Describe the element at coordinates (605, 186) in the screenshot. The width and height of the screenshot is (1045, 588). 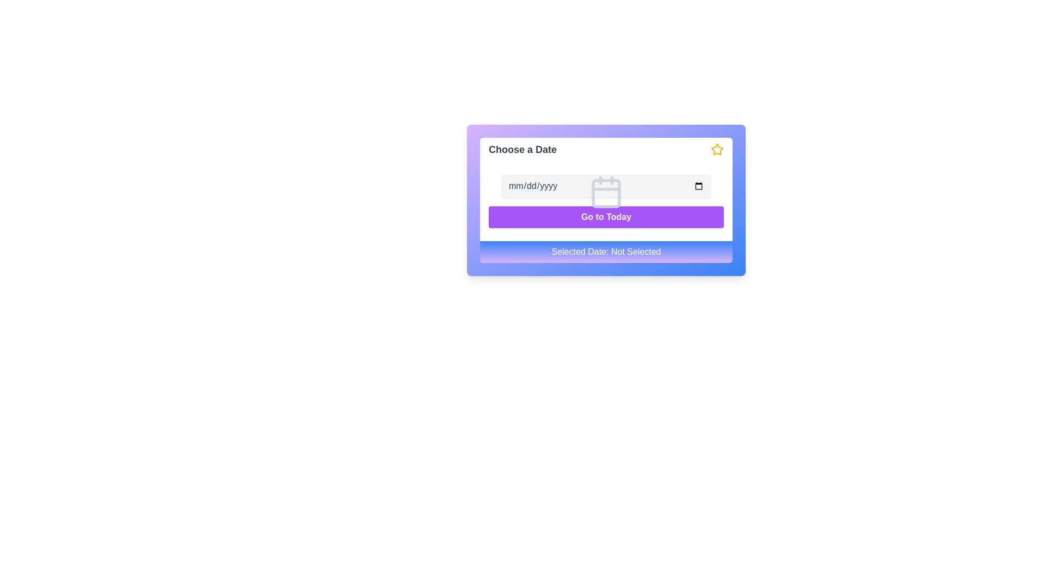
I see `the date picker input field located in the 'Choose a Date' panel to input a date` at that location.